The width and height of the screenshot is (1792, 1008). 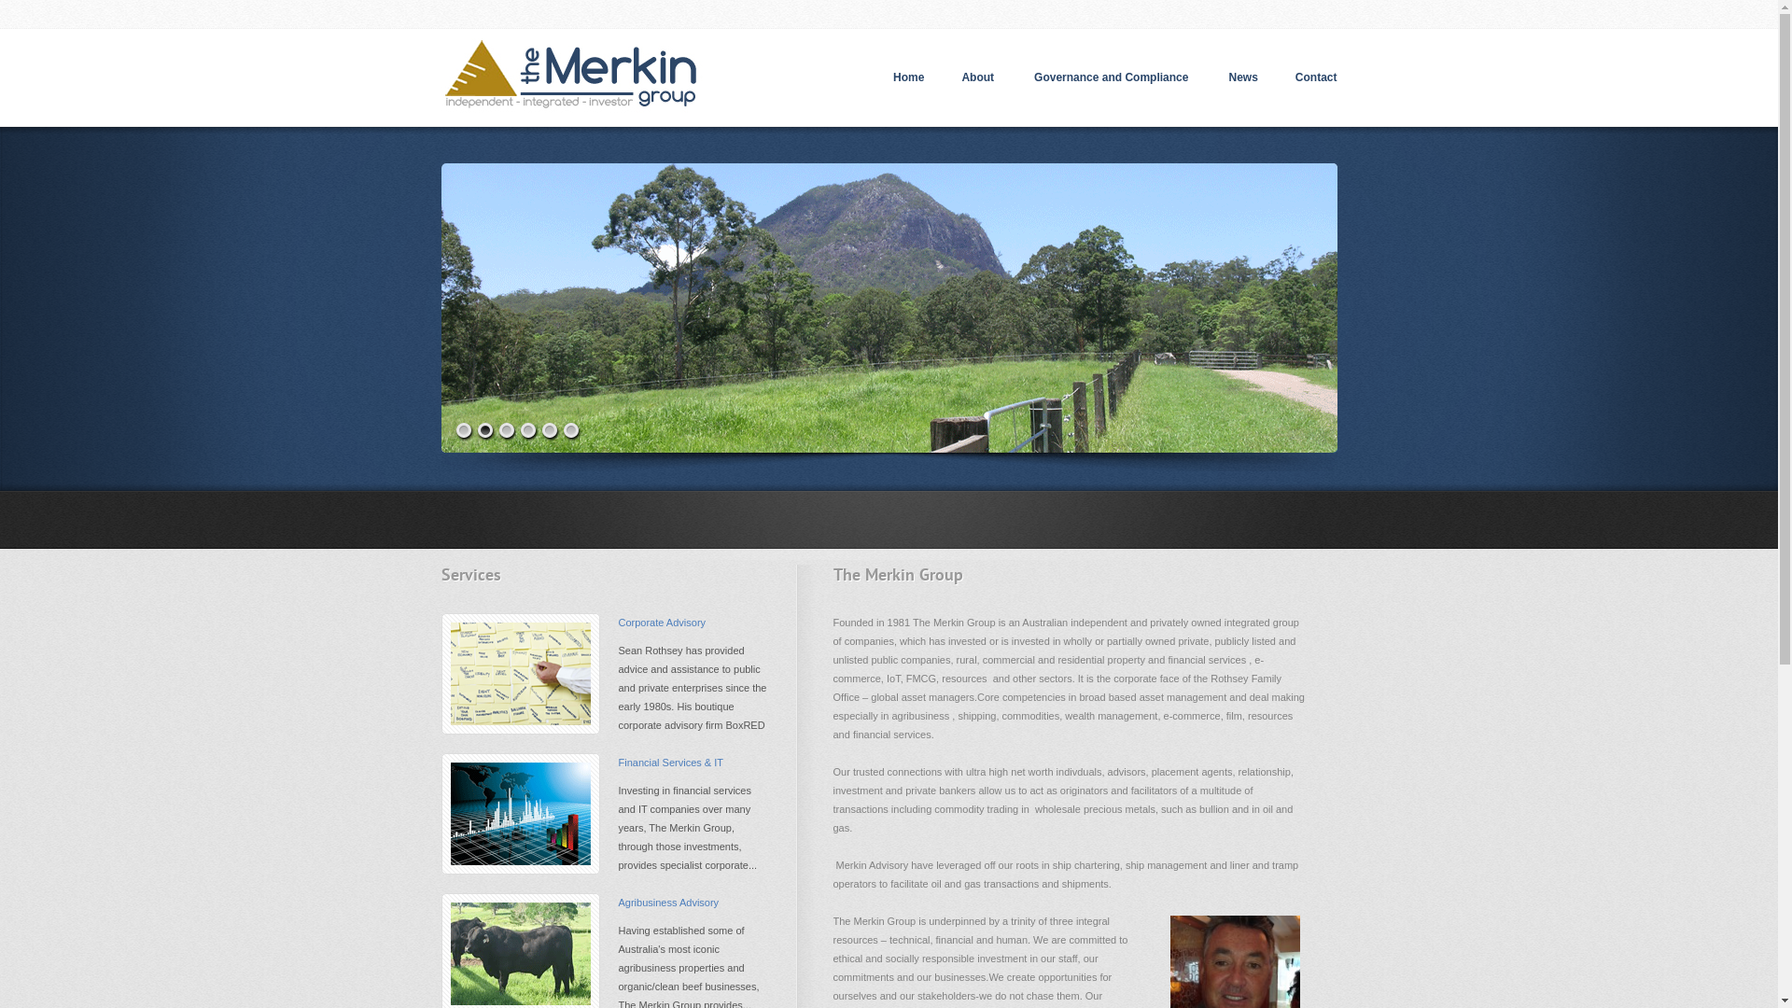 I want to click on '1', so click(x=465, y=432).